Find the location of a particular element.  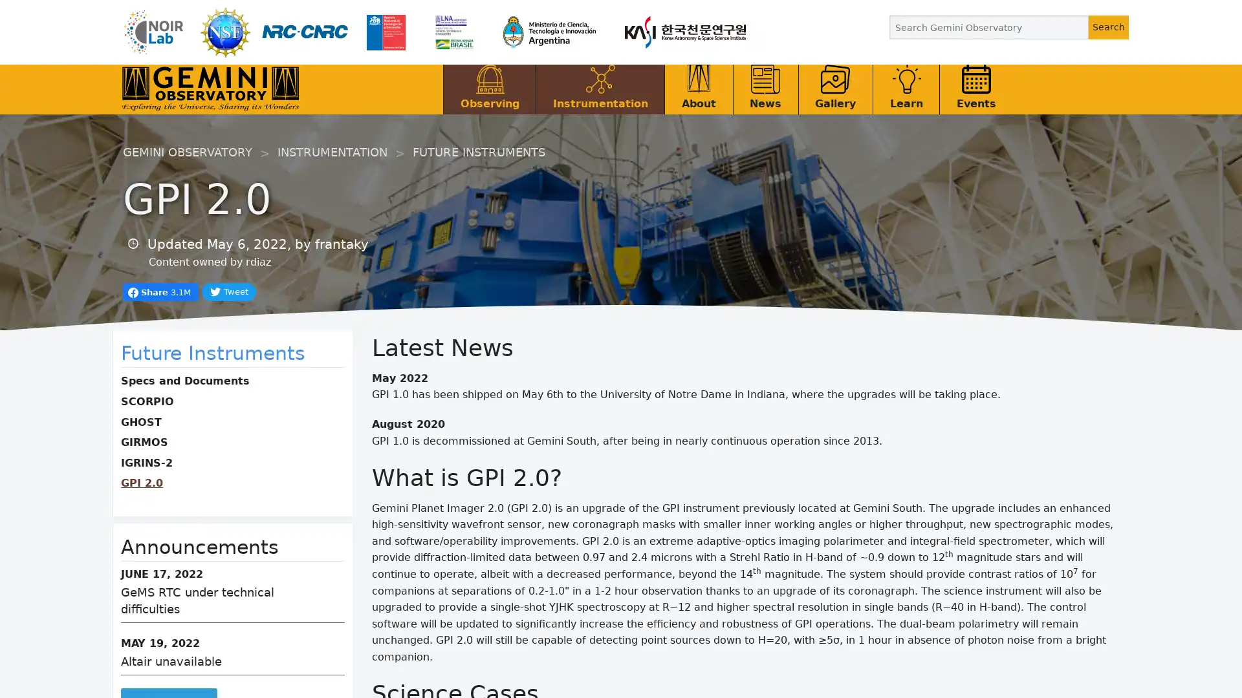

Search is located at coordinates (1107, 27).